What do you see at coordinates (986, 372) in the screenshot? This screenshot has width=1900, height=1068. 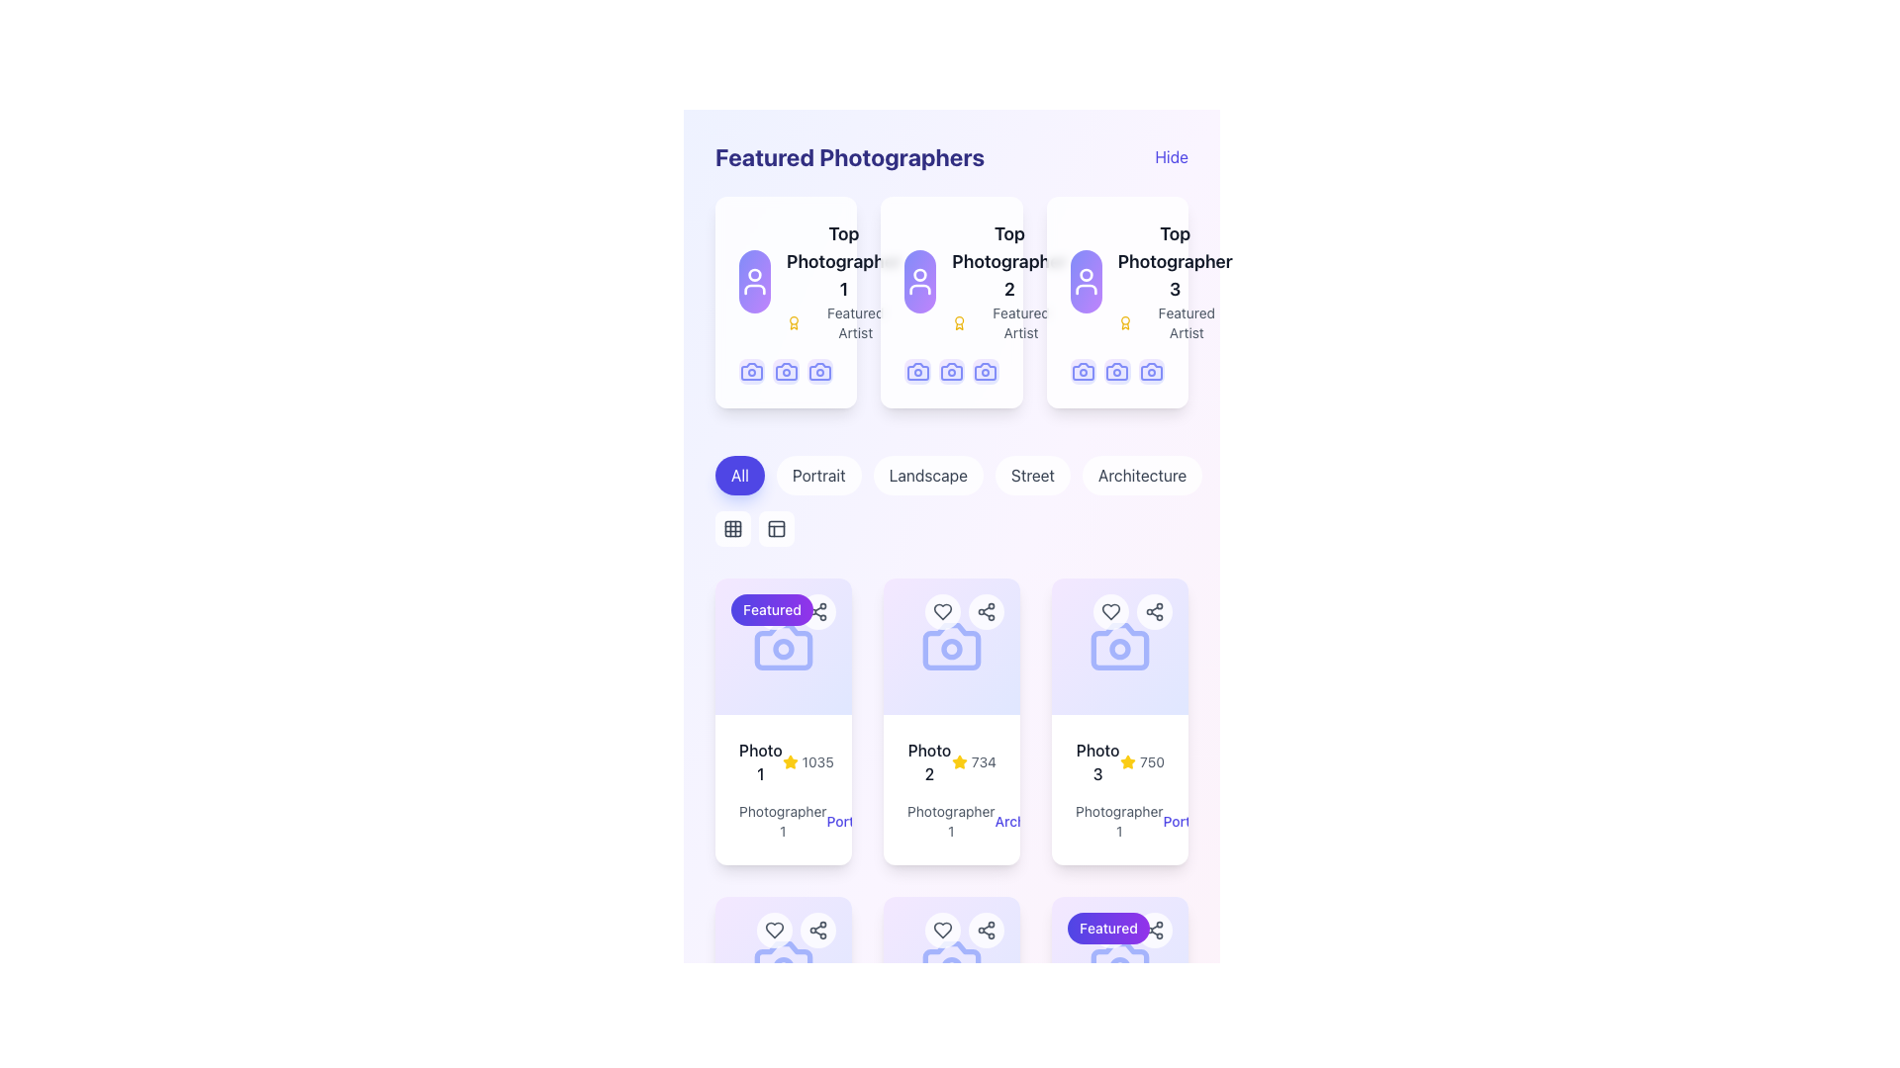 I see `the camera icon with a gradient fill located in the second card of the 'Featured Photographers' section, below the 'Top Photographer 2' title` at bounding box center [986, 372].